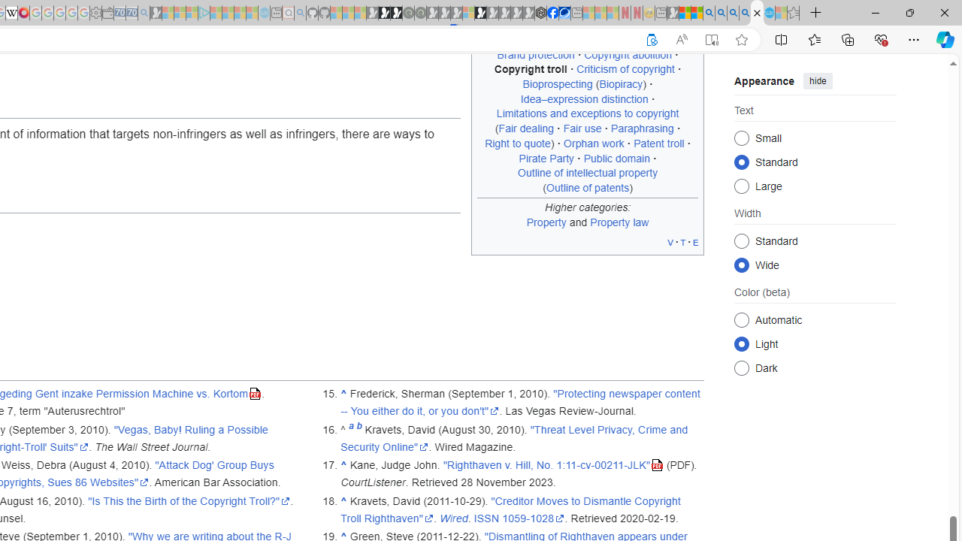 Image resolution: width=962 pixels, height=541 pixels. Describe the element at coordinates (24, 13) in the screenshot. I see `'MediaWiki'` at that location.